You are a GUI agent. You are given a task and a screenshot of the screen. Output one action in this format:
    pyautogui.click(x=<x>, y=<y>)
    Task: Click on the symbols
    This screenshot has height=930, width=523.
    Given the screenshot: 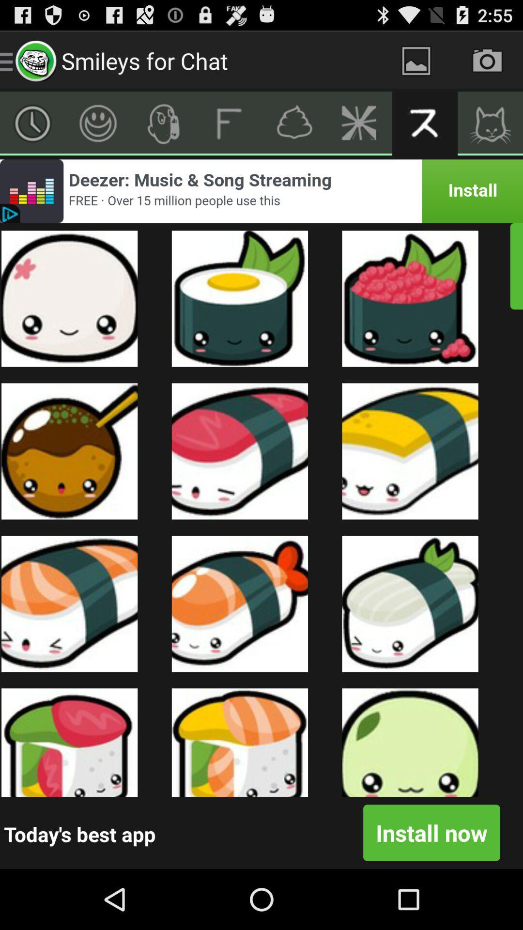 What is the action you would take?
    pyautogui.click(x=163, y=123)
    